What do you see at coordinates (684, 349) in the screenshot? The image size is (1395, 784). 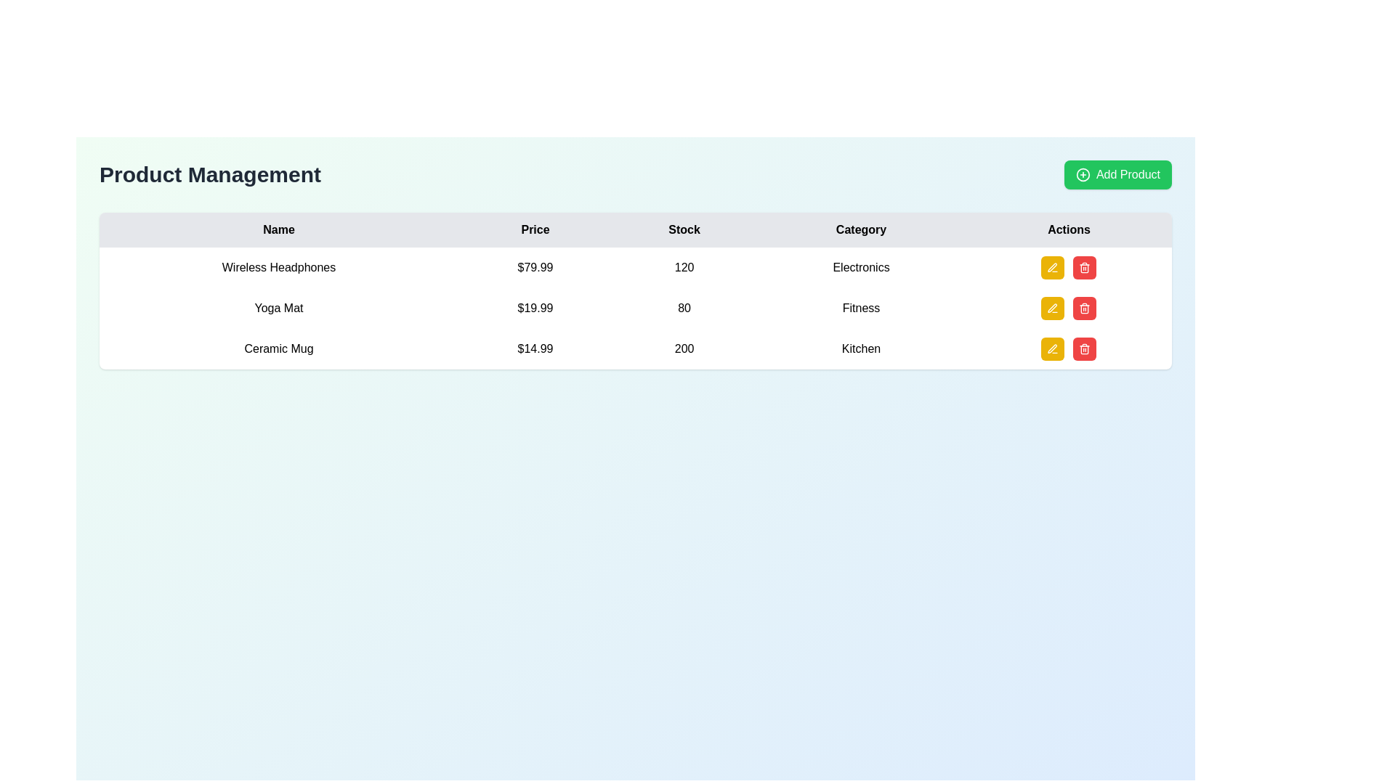 I see `stock value displayed for the product 'Ceramic Mug' located in the third row and third column of the product management table` at bounding box center [684, 349].